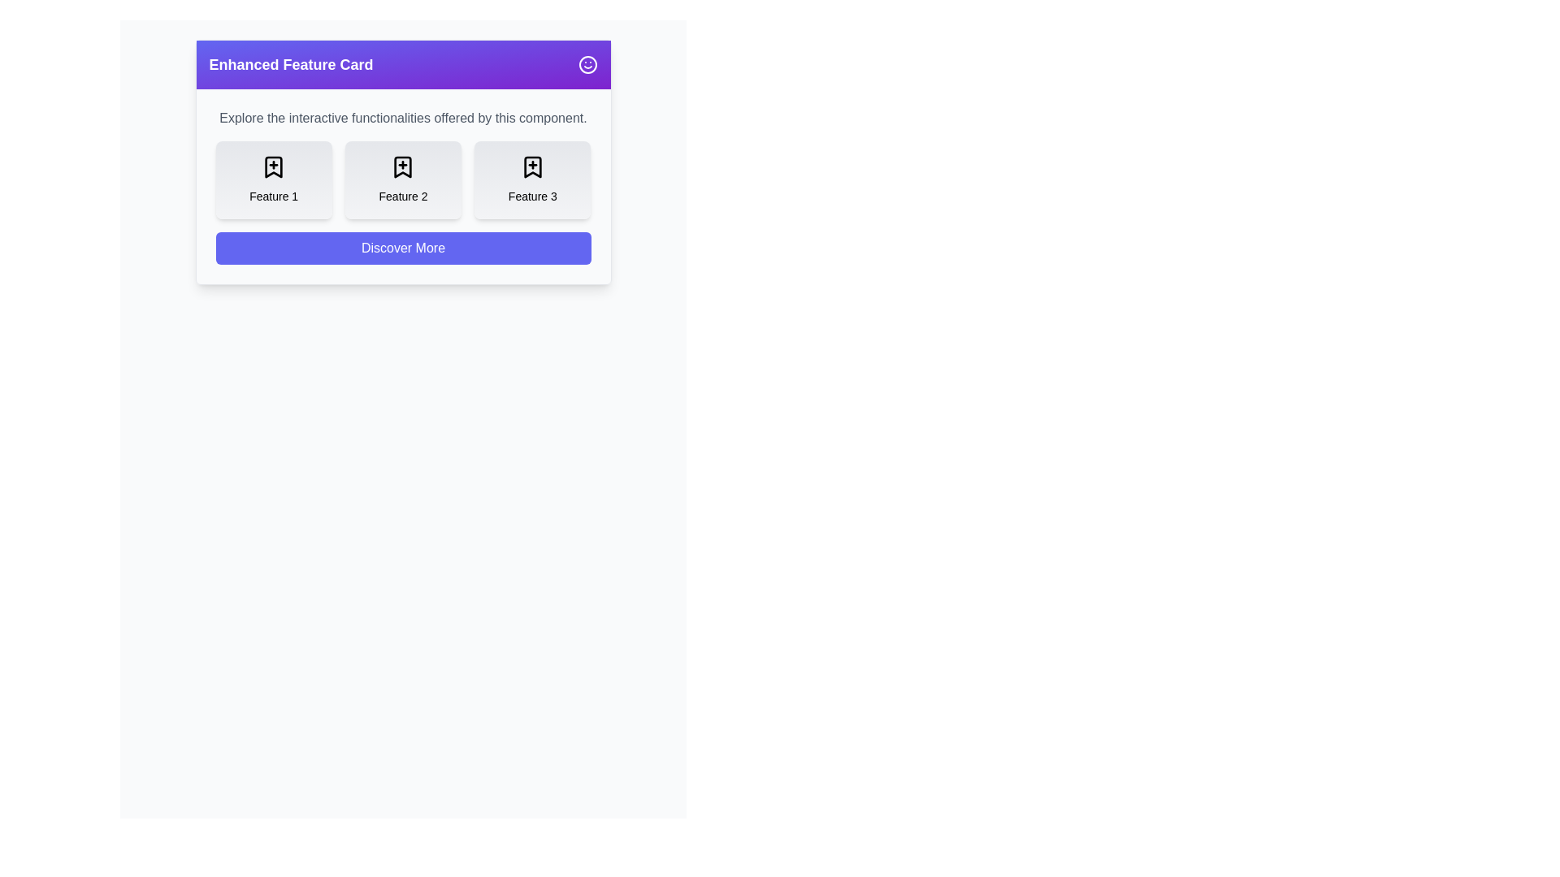 The height and width of the screenshot is (877, 1560). I want to click on the middle feature icon that represents an individual option in the interface, located beneath the header line and descriptive text, so click(403, 166).